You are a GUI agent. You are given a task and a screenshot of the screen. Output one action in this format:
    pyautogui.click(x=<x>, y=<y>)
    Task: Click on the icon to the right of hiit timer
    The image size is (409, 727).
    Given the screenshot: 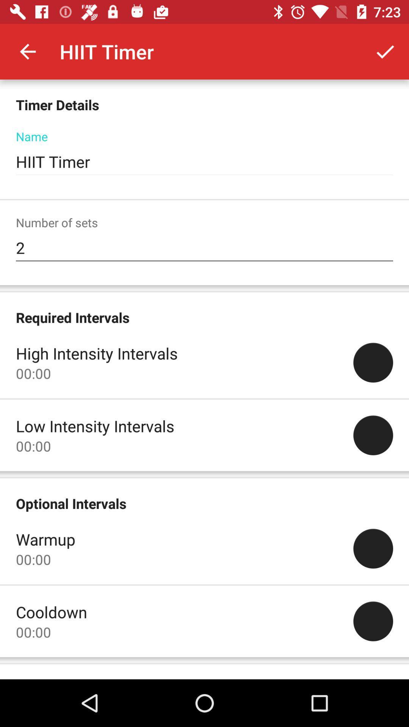 What is the action you would take?
    pyautogui.click(x=385, y=51)
    